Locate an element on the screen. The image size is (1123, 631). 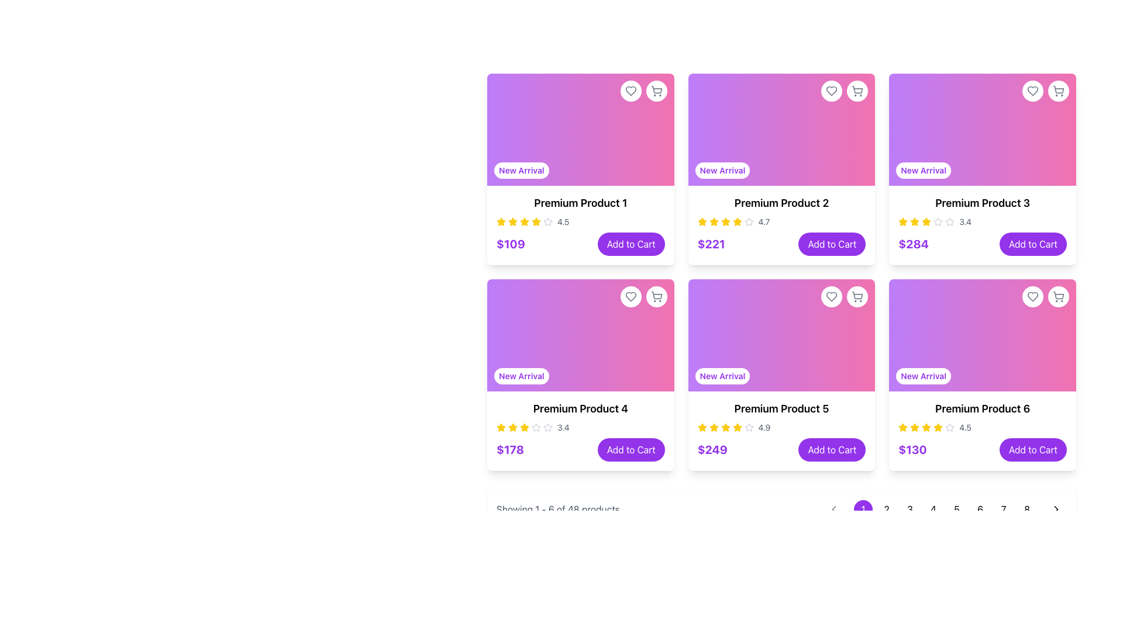
the active star-shaped icon with a yellow fill, which is the fifth star in the rating system for 'Premium Product 5', located under the product card and to the left of the textual rating '4.9' is located at coordinates (725, 428).